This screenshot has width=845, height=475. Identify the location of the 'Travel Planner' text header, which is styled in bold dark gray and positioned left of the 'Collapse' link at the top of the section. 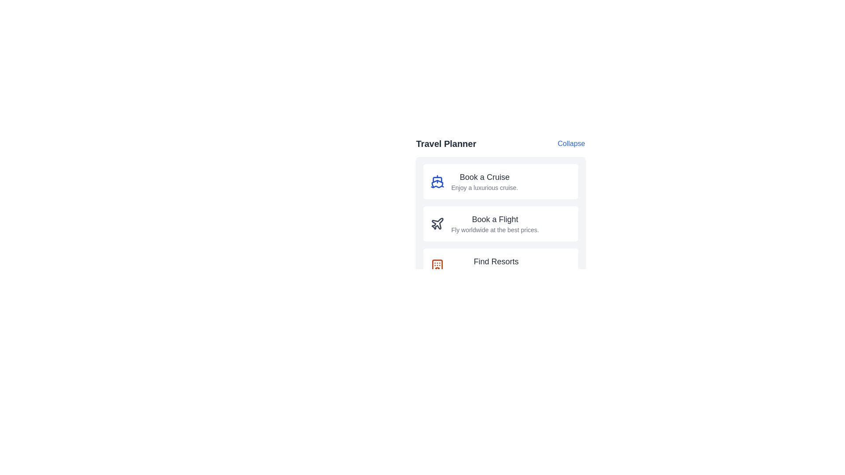
(446, 143).